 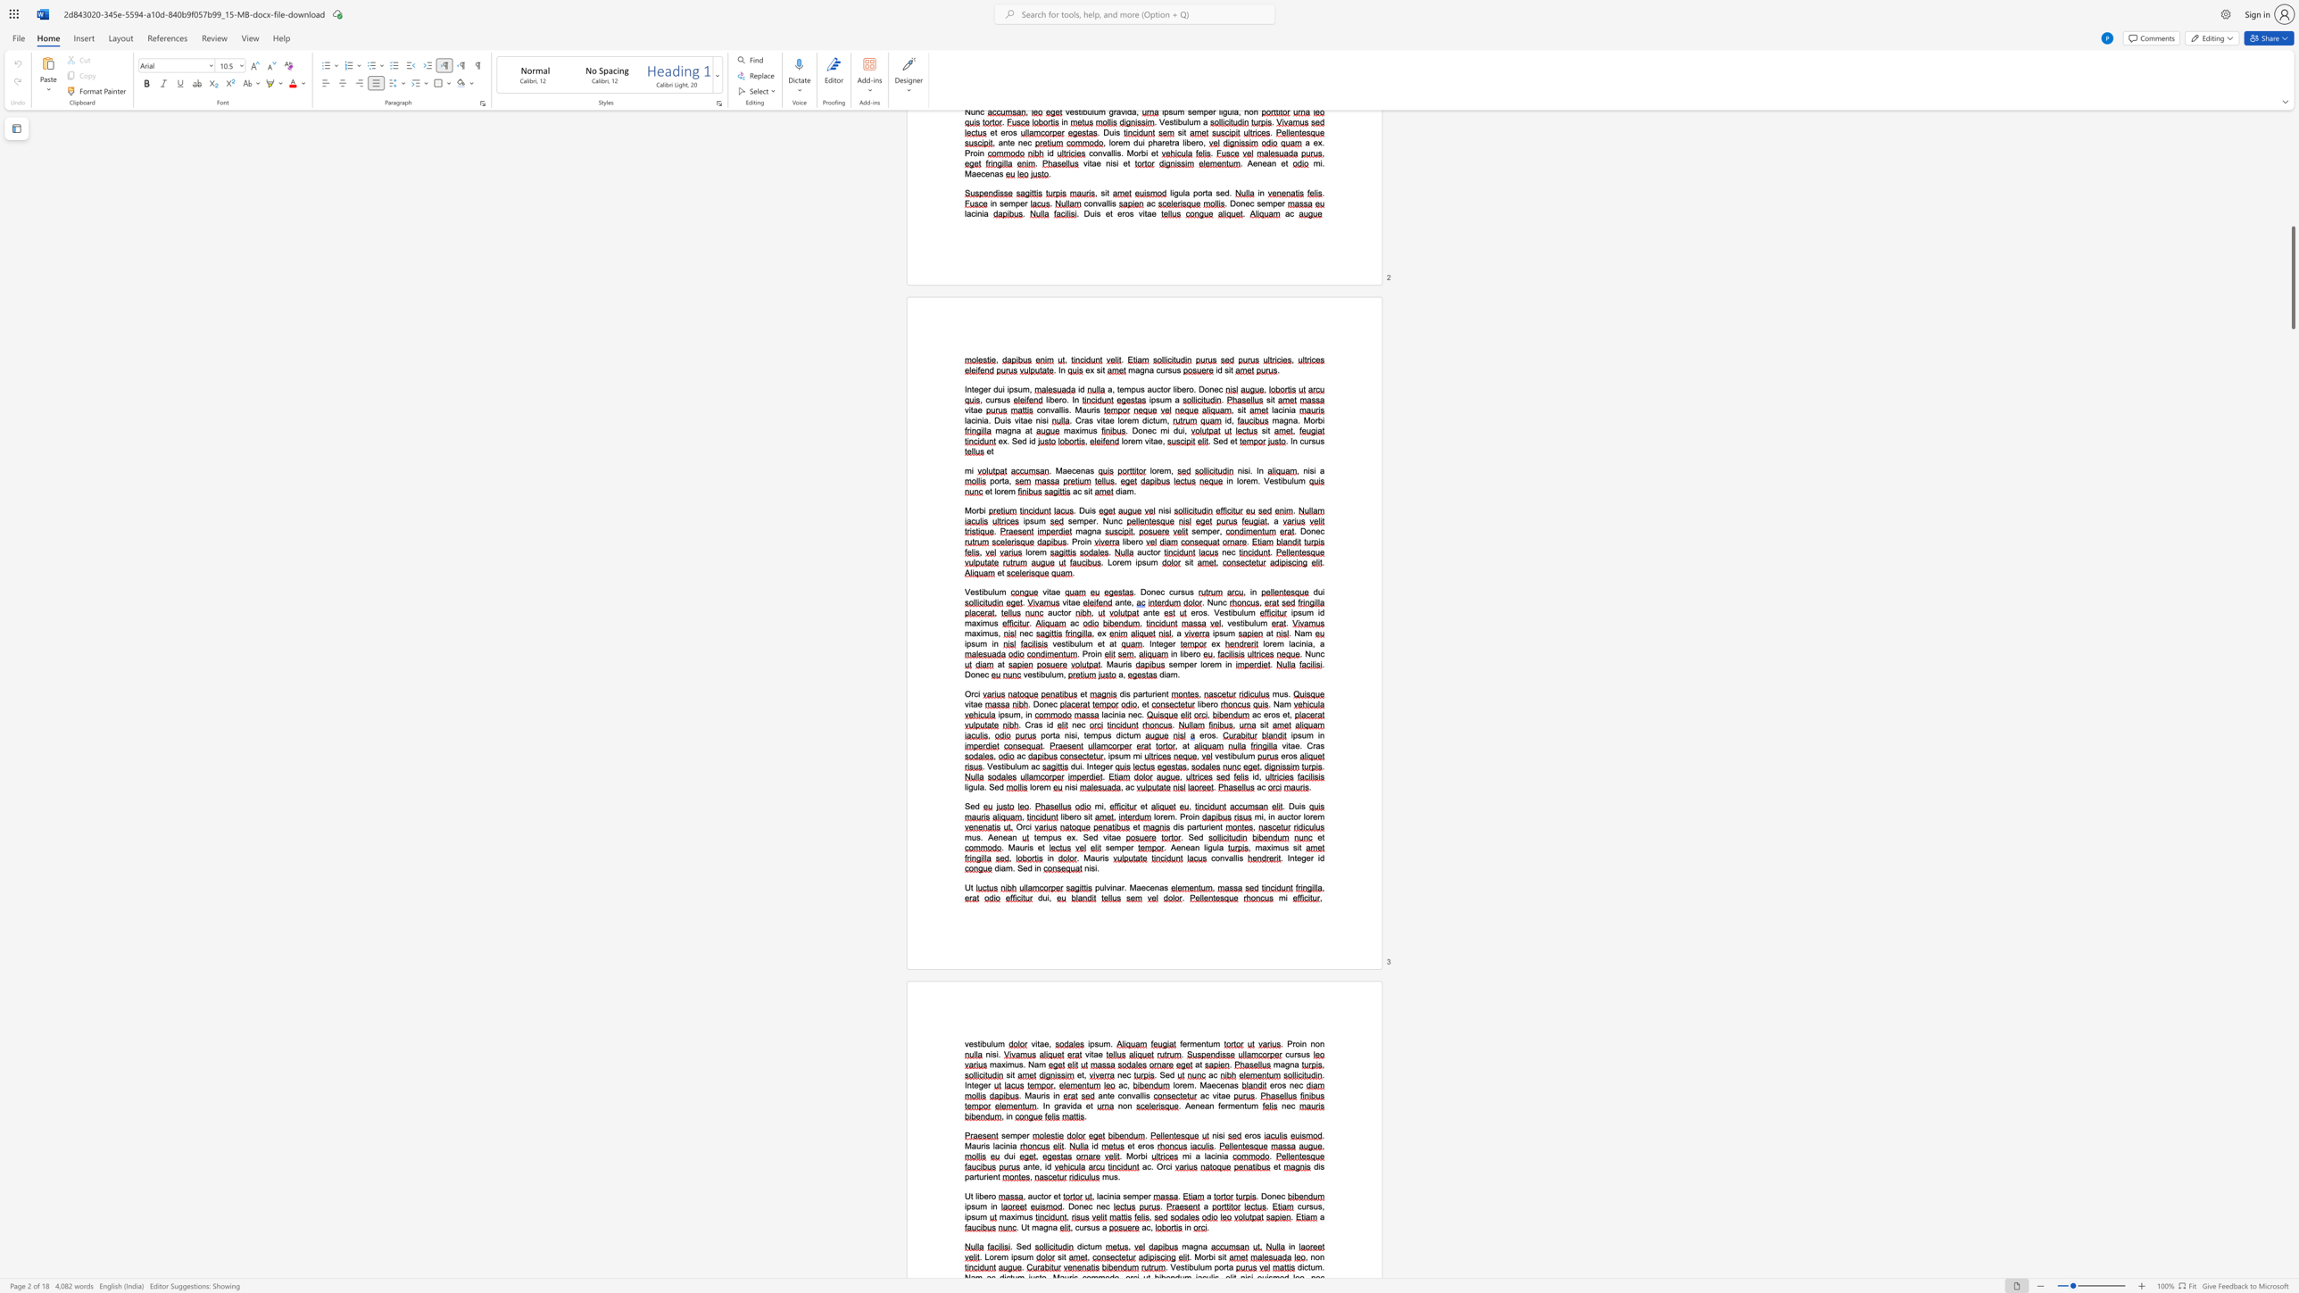 I want to click on the space between the continuous character "s" and "t" in the text, so click(x=1001, y=766).